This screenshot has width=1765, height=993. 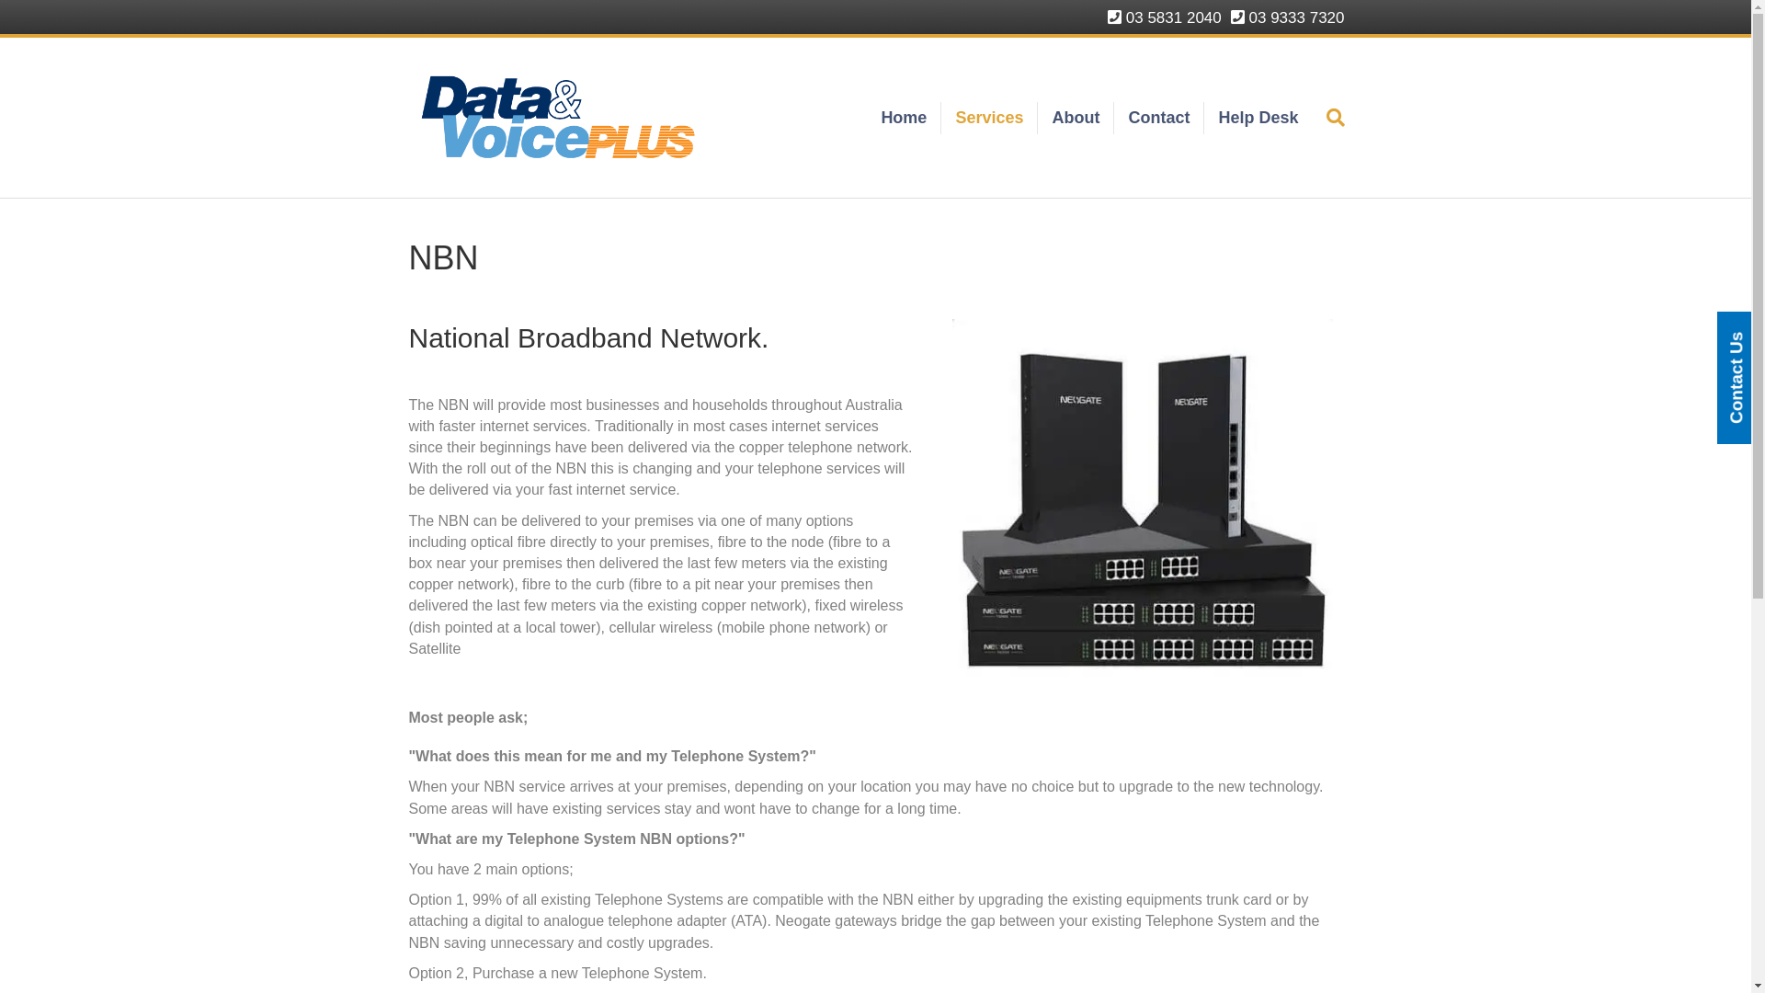 What do you see at coordinates (904, 118) in the screenshot?
I see `'Home'` at bounding box center [904, 118].